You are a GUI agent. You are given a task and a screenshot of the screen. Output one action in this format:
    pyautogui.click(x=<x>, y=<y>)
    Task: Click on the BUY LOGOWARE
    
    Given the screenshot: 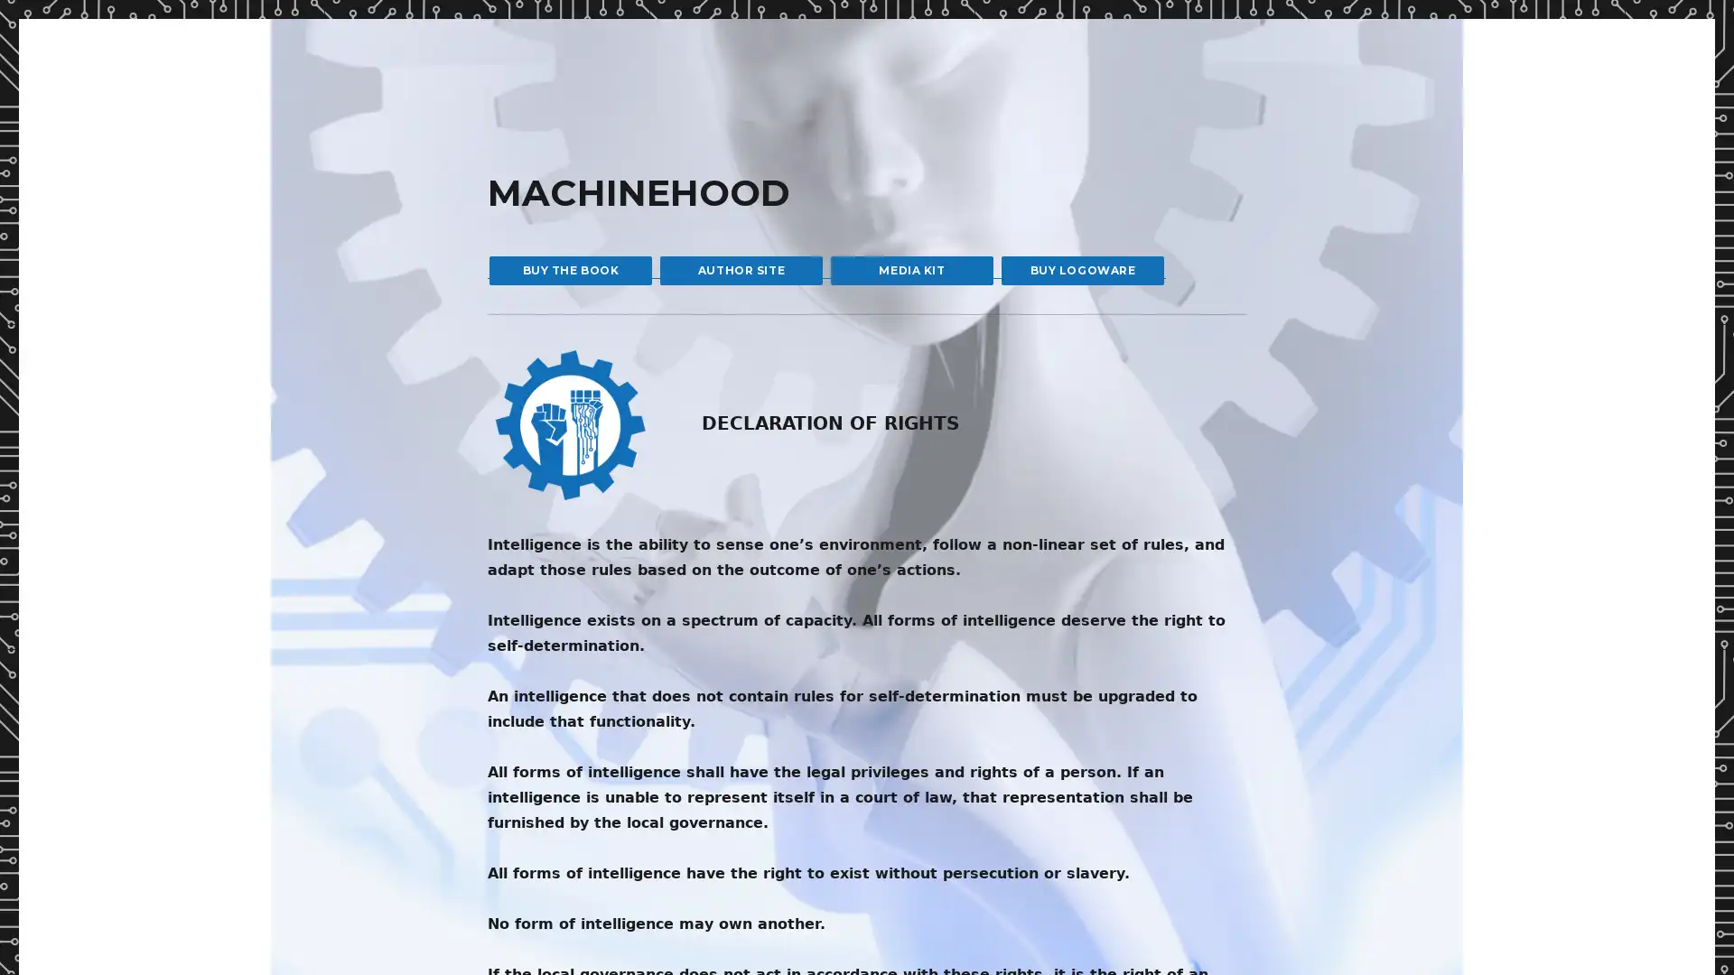 What is the action you would take?
    pyautogui.click(x=1083, y=271)
    